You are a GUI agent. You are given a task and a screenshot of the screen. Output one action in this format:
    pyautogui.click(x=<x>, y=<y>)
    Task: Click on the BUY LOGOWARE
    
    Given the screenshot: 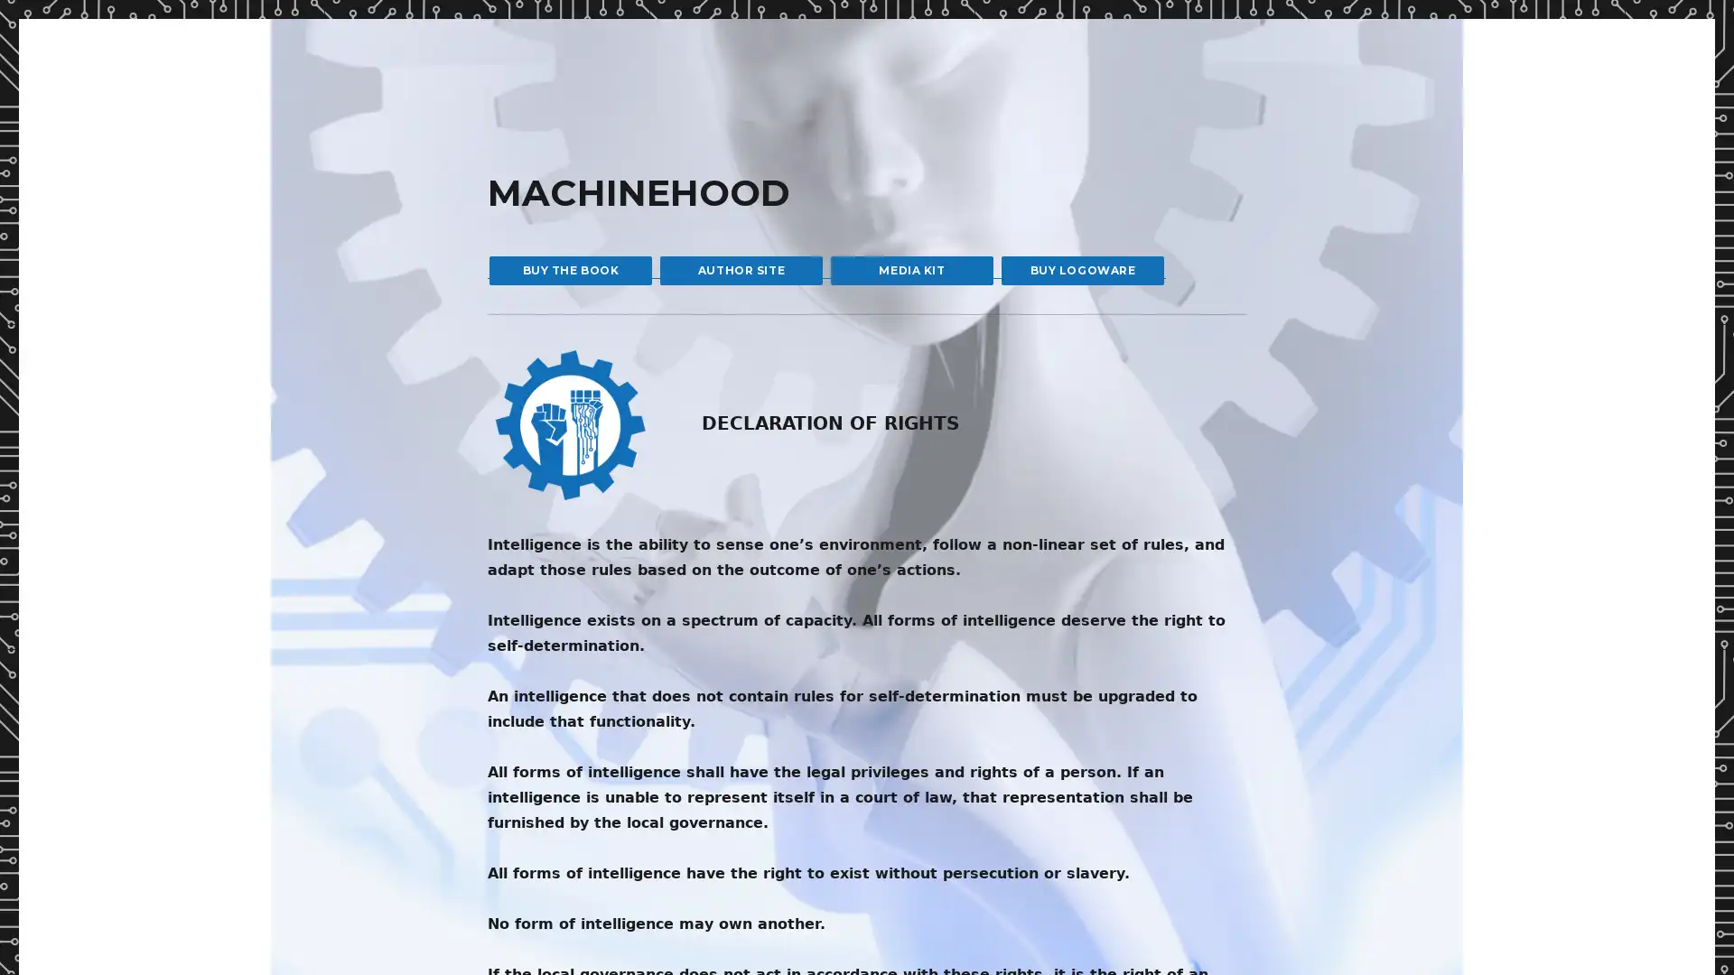 What is the action you would take?
    pyautogui.click(x=1083, y=271)
    